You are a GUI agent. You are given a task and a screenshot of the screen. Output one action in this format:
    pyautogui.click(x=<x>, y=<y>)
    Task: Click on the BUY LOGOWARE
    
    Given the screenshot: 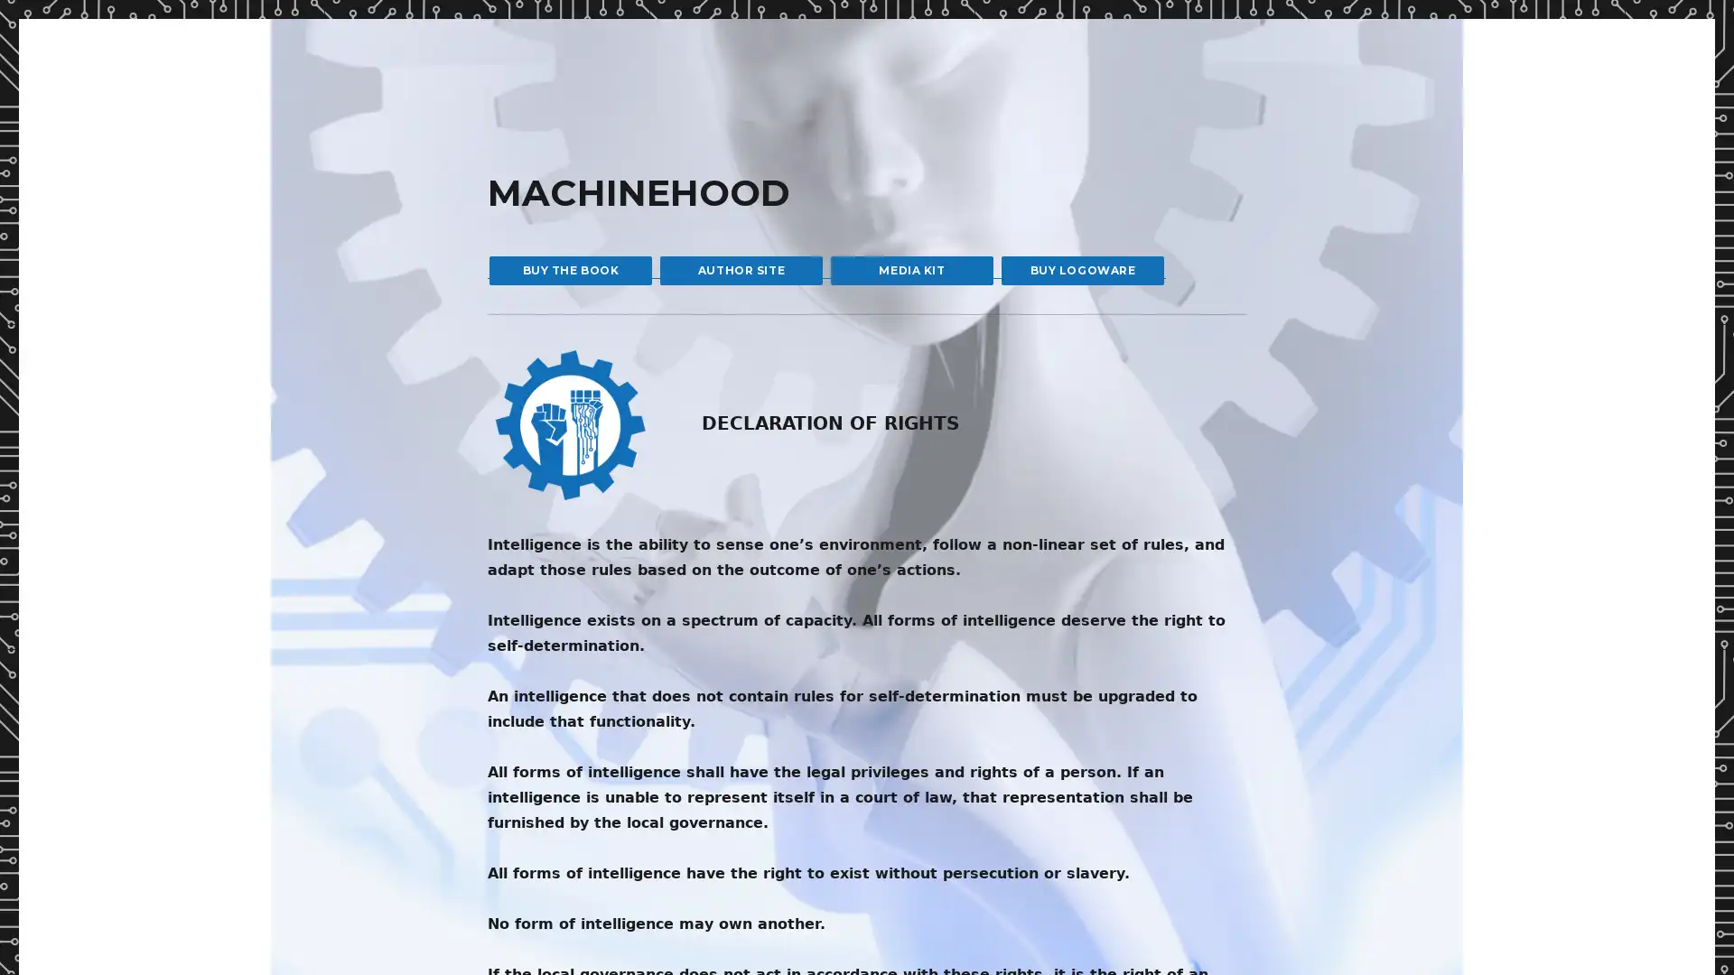 What is the action you would take?
    pyautogui.click(x=1083, y=271)
    